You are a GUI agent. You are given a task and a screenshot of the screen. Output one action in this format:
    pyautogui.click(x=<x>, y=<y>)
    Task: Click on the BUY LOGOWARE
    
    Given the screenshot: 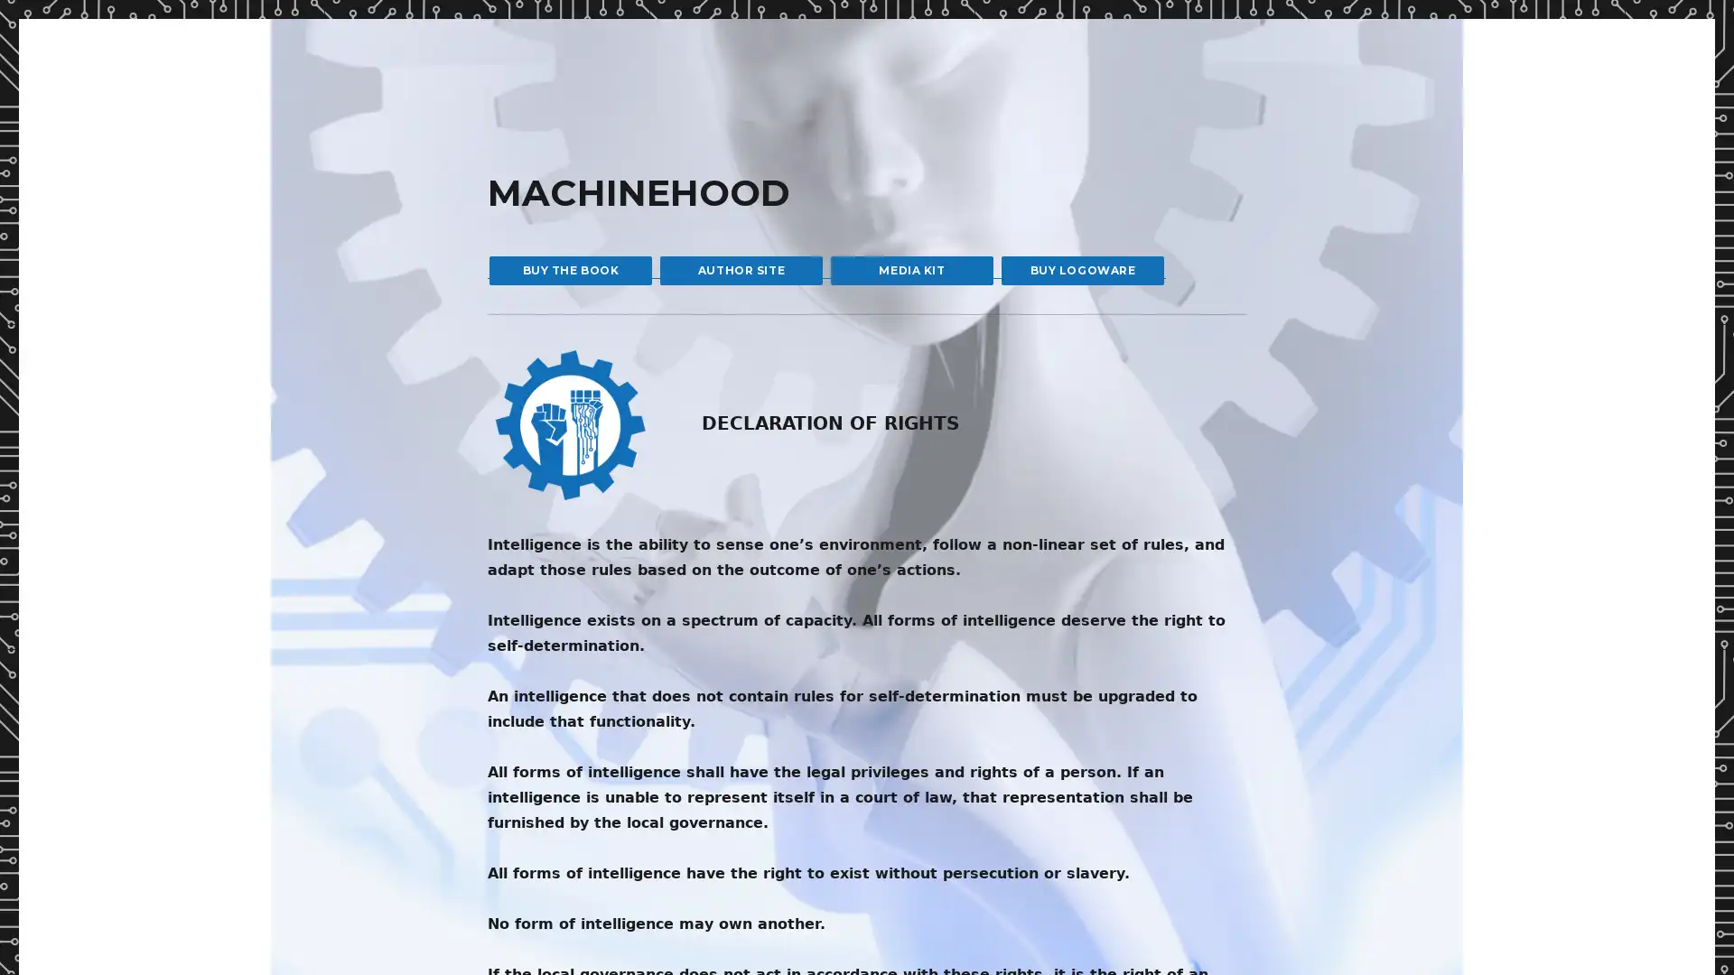 What is the action you would take?
    pyautogui.click(x=1083, y=271)
    